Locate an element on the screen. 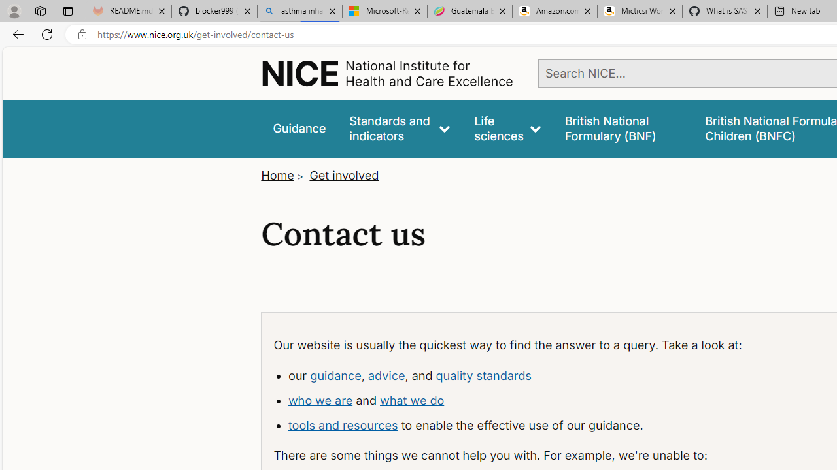  'Get involved' is located at coordinates (344, 174).